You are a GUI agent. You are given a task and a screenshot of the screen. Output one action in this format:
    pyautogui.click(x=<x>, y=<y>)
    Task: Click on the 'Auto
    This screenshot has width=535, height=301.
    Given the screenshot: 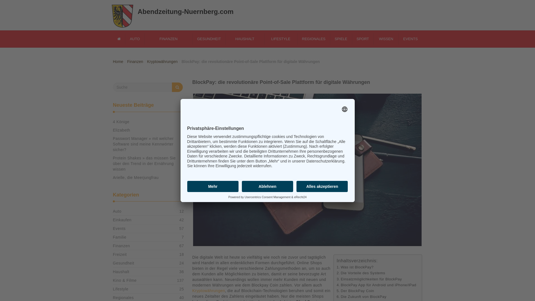 What is the action you would take?
    pyautogui.click(x=117, y=211)
    